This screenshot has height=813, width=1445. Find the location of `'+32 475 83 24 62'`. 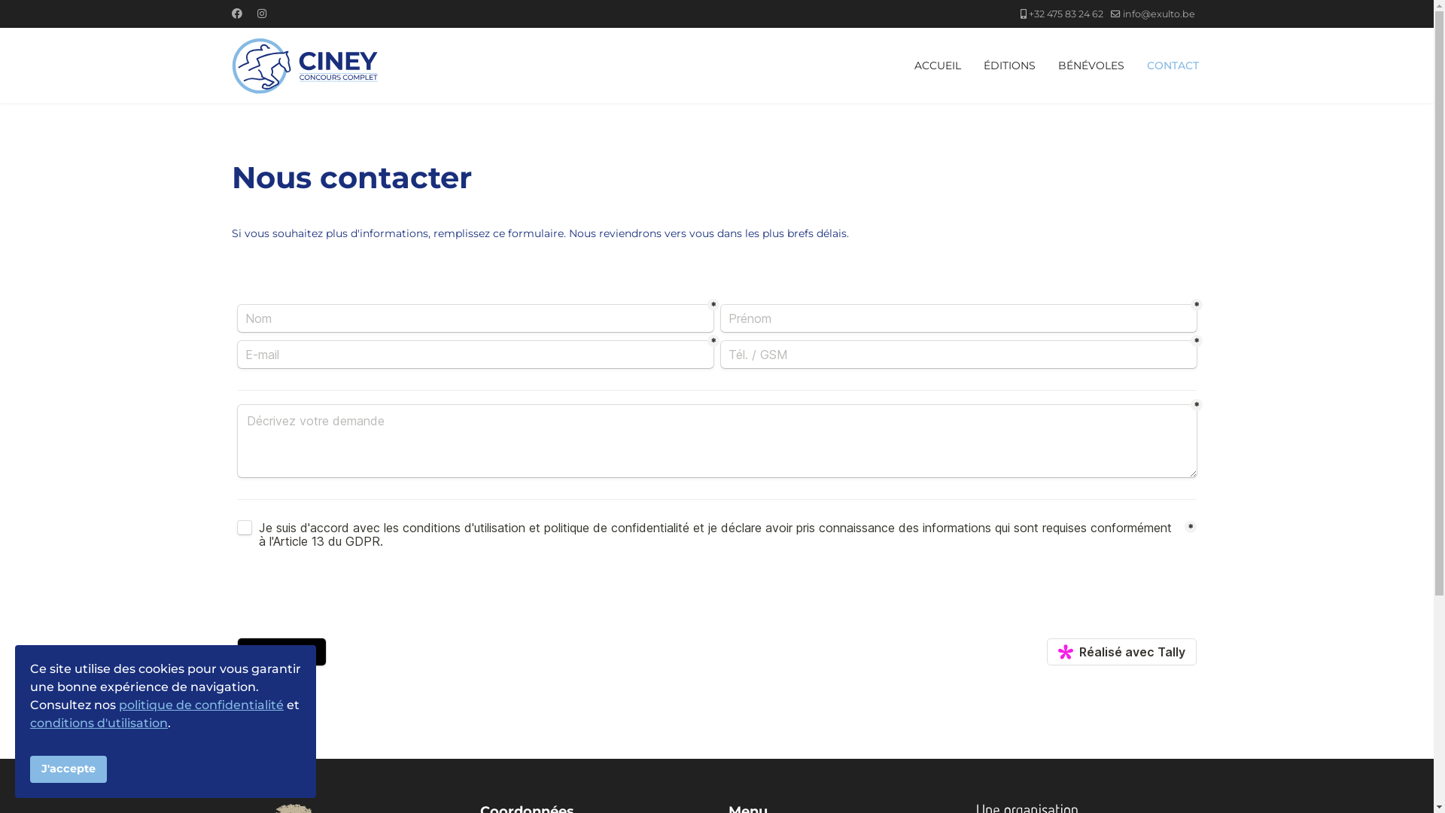

'+32 475 83 24 62' is located at coordinates (1064, 14).